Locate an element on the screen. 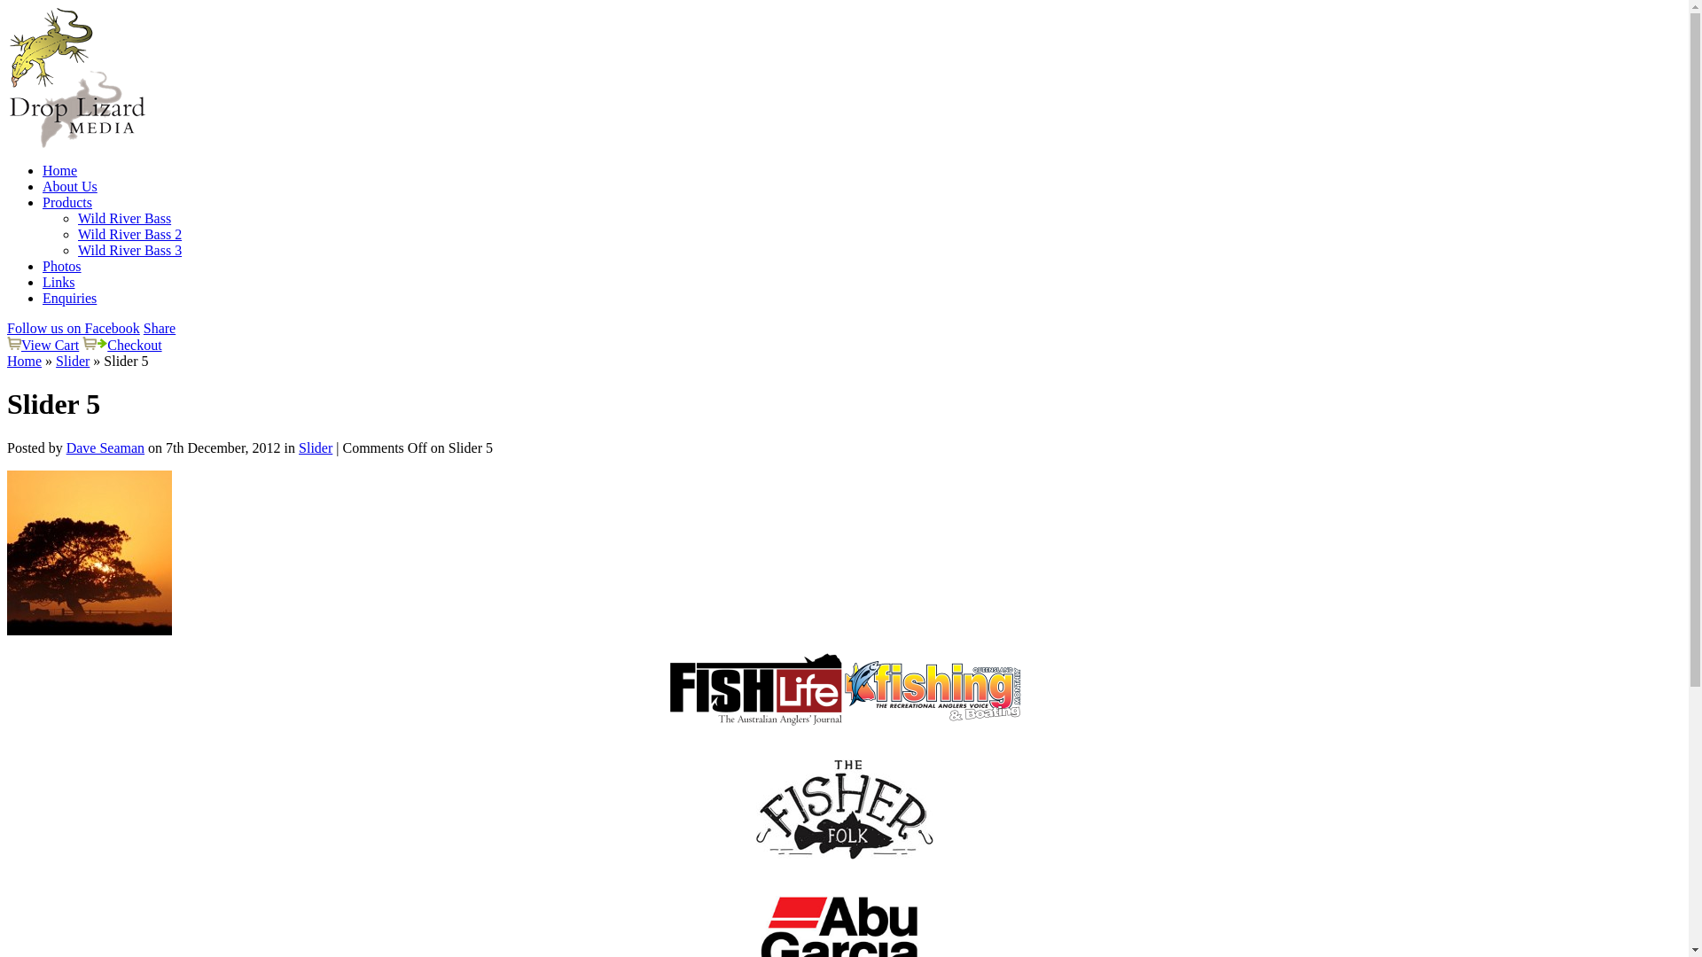 The width and height of the screenshot is (1702, 957). 'Products' is located at coordinates (67, 201).